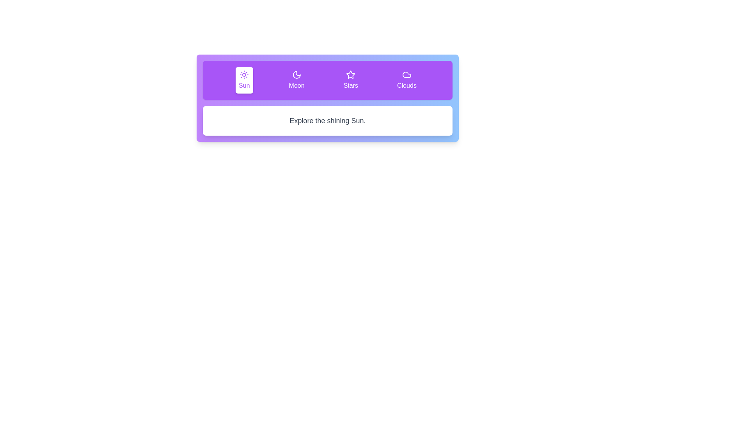 The height and width of the screenshot is (421, 749). I want to click on the star icon located within the 'Stars' button in the upper part of the interface for selection, so click(350, 74).